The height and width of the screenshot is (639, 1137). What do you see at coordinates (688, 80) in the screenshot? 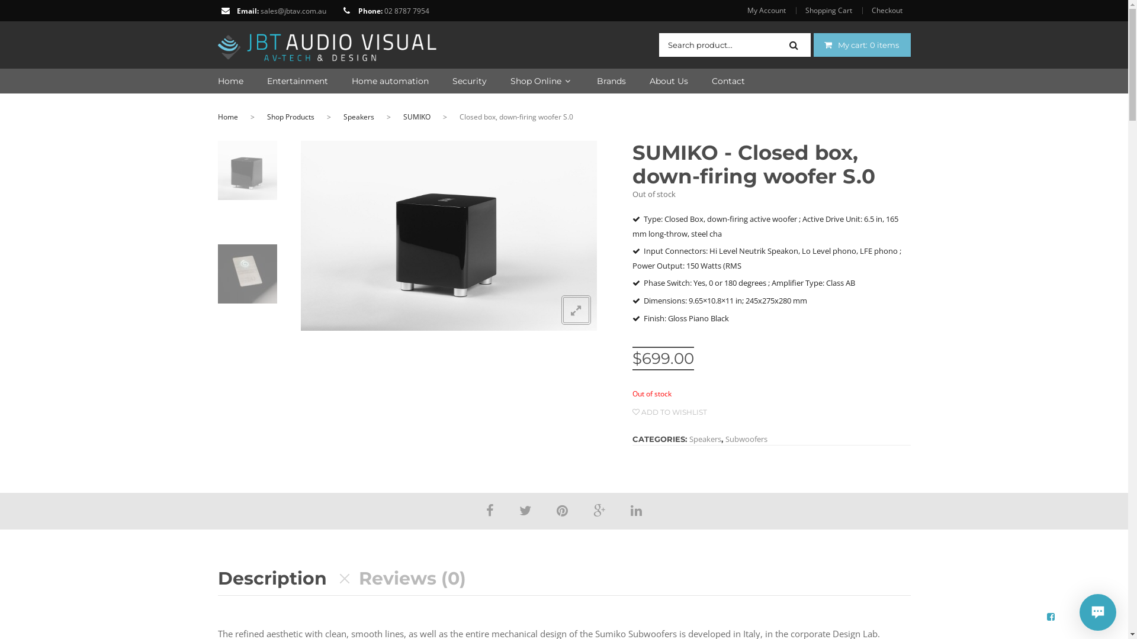
I see `'Contact'` at bounding box center [688, 80].